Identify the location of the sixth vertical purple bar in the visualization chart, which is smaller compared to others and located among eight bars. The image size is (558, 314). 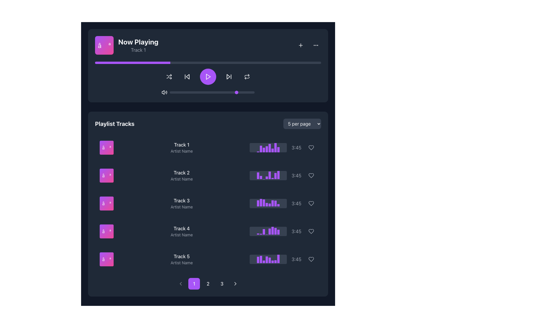
(272, 150).